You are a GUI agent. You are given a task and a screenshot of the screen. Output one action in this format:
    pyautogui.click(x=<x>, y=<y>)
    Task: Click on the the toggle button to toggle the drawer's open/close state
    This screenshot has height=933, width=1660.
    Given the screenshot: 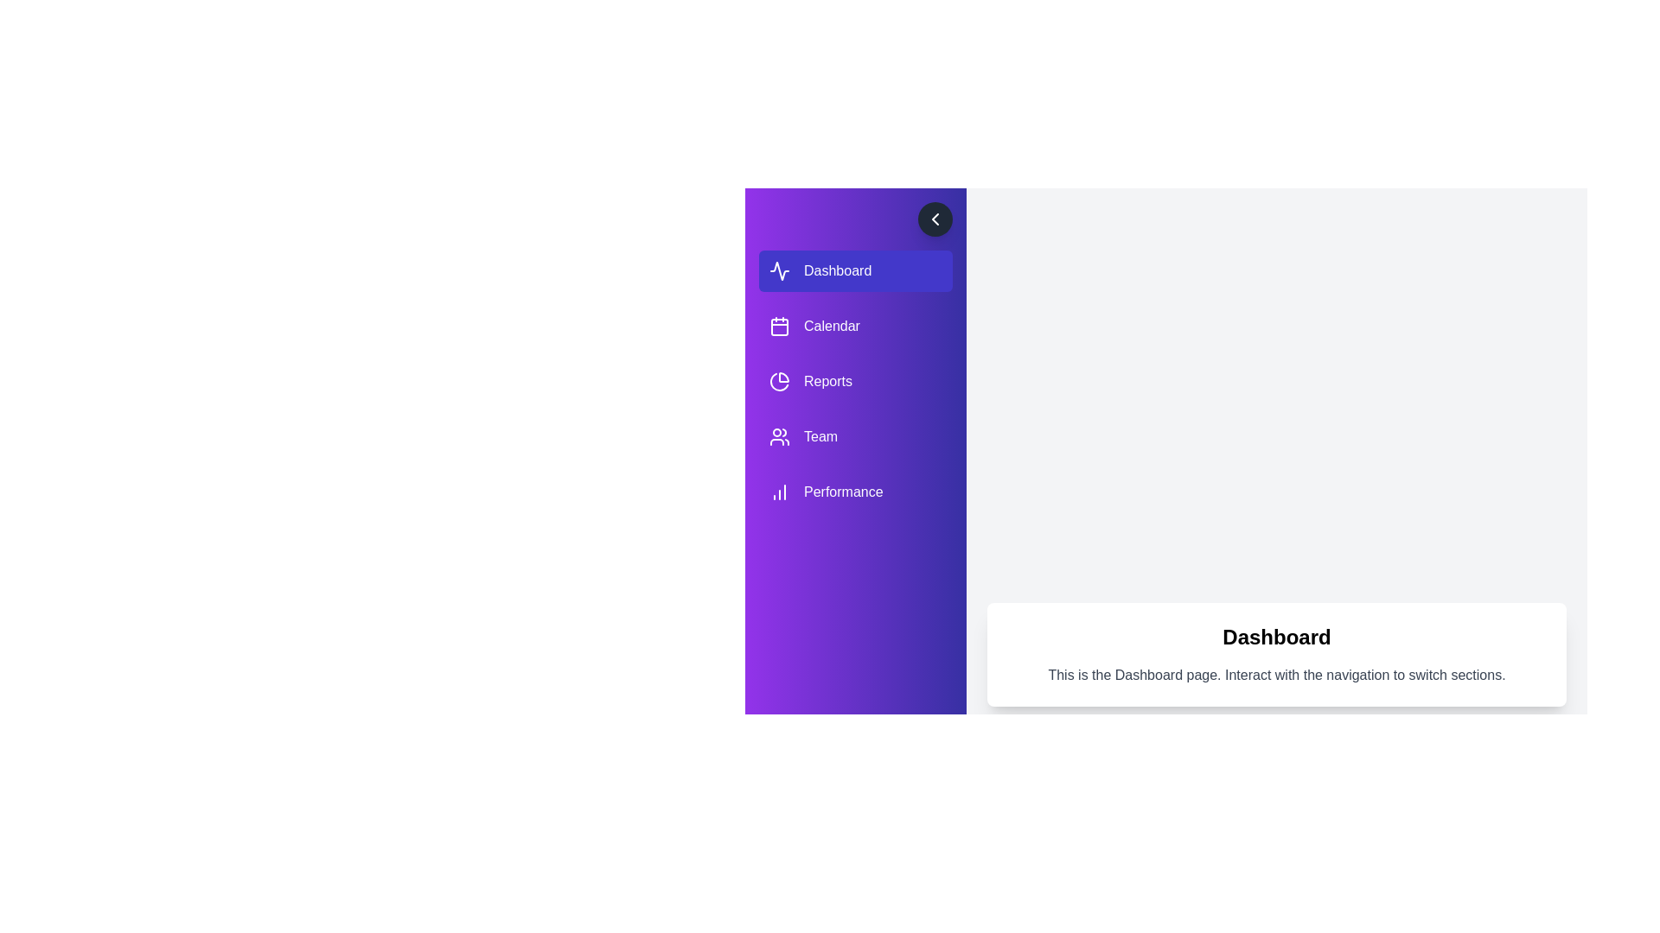 What is the action you would take?
    pyautogui.click(x=934, y=219)
    